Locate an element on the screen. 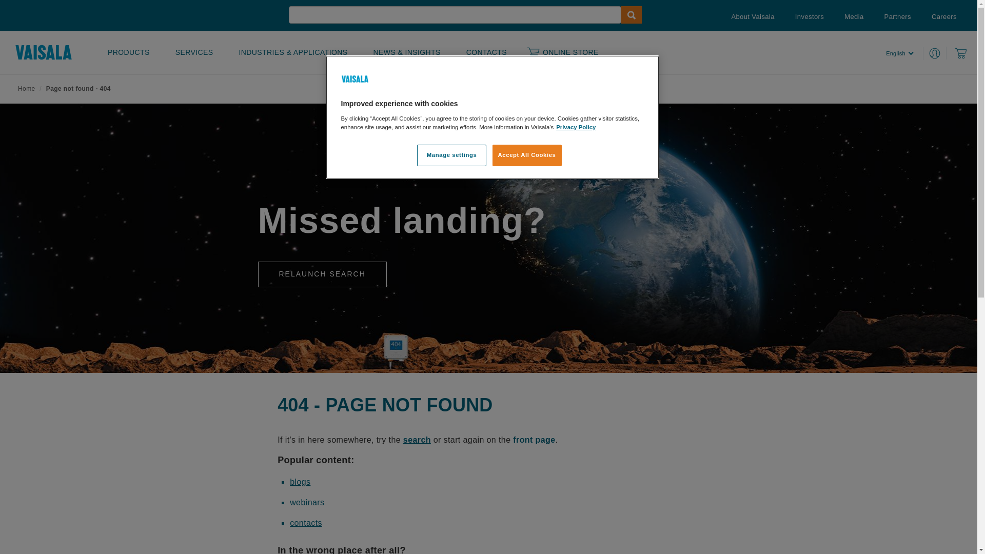 The width and height of the screenshot is (985, 554). 'Accept All Cookies' is located at coordinates (527, 155).